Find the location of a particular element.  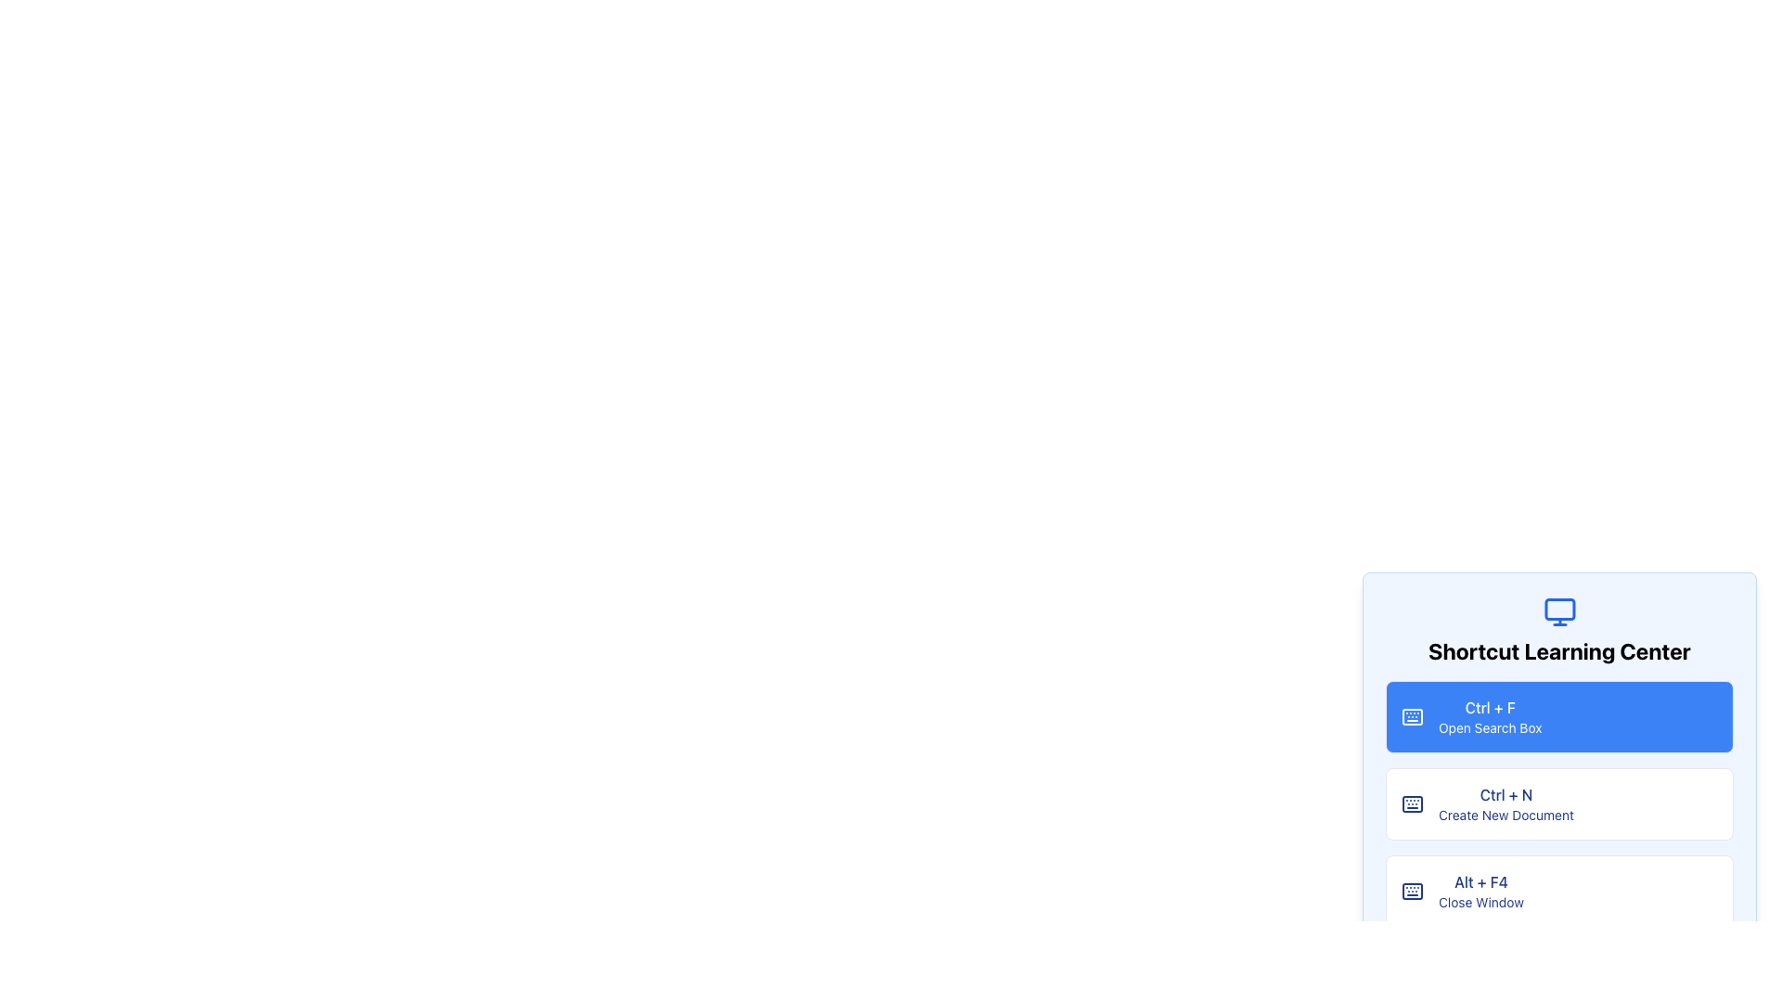

the static text label 'Create New Document', which is positioned under the bolded text 'Ctrl + N' in the Shortcut Learning Center section is located at coordinates (1506, 815).